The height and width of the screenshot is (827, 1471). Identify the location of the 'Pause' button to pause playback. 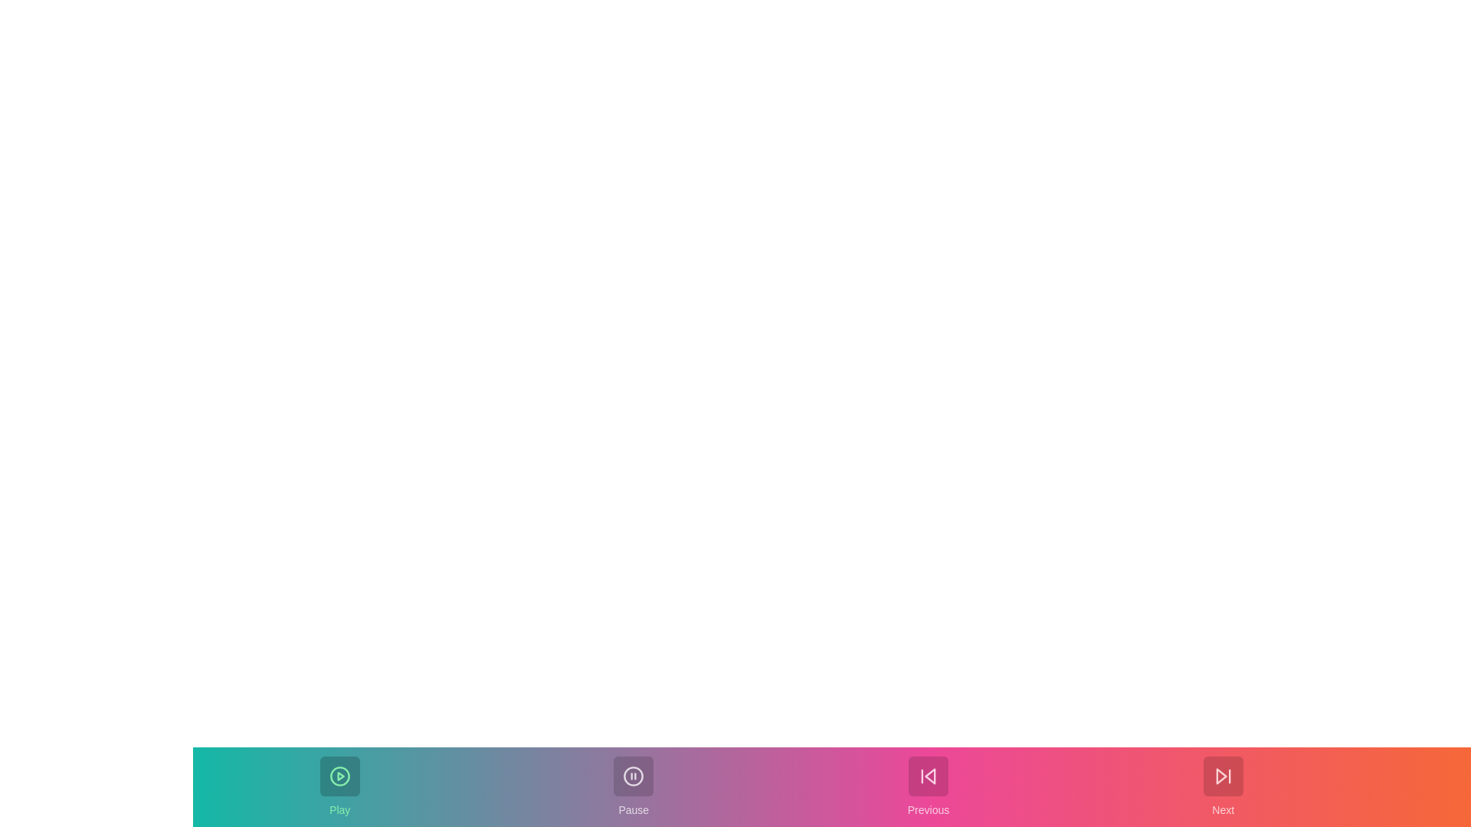
(634, 787).